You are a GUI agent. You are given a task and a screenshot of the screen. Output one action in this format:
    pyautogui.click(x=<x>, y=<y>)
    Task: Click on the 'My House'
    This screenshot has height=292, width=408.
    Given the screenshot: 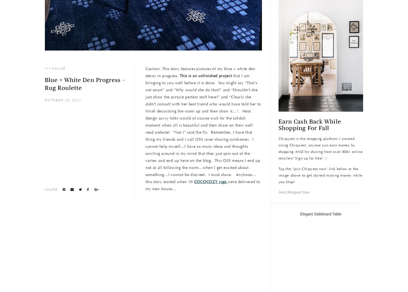 What is the action you would take?
    pyautogui.click(x=55, y=68)
    